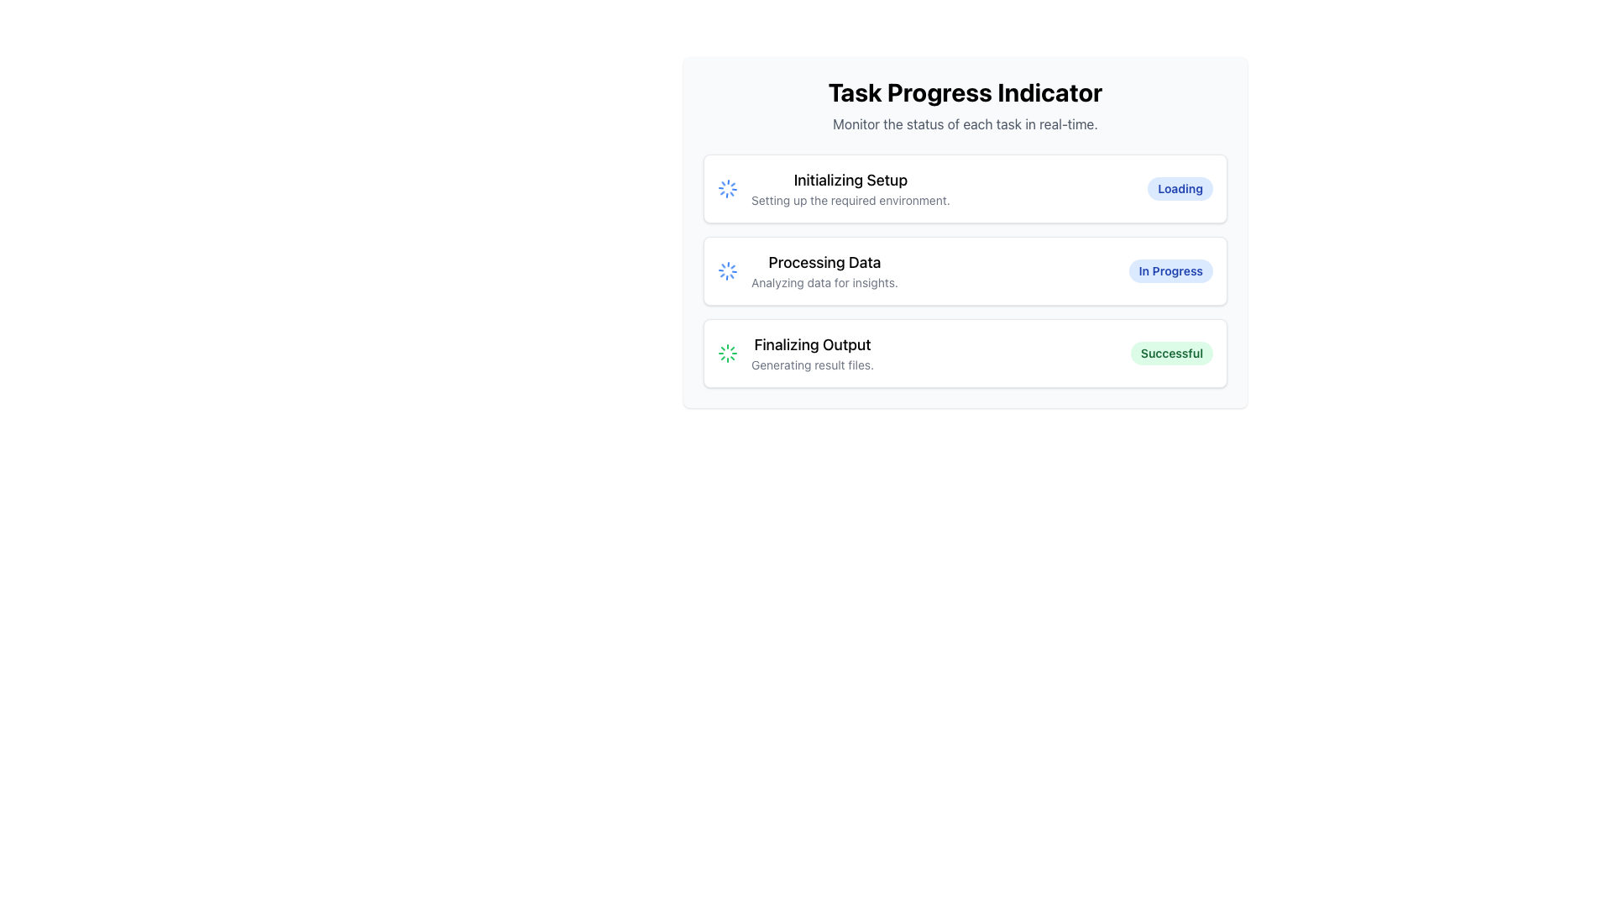 The height and width of the screenshot is (907, 1612). I want to click on the Text Label that provides additional information for the 'Processing Data' task, located in the second content row of the task progress list, so click(824, 281).